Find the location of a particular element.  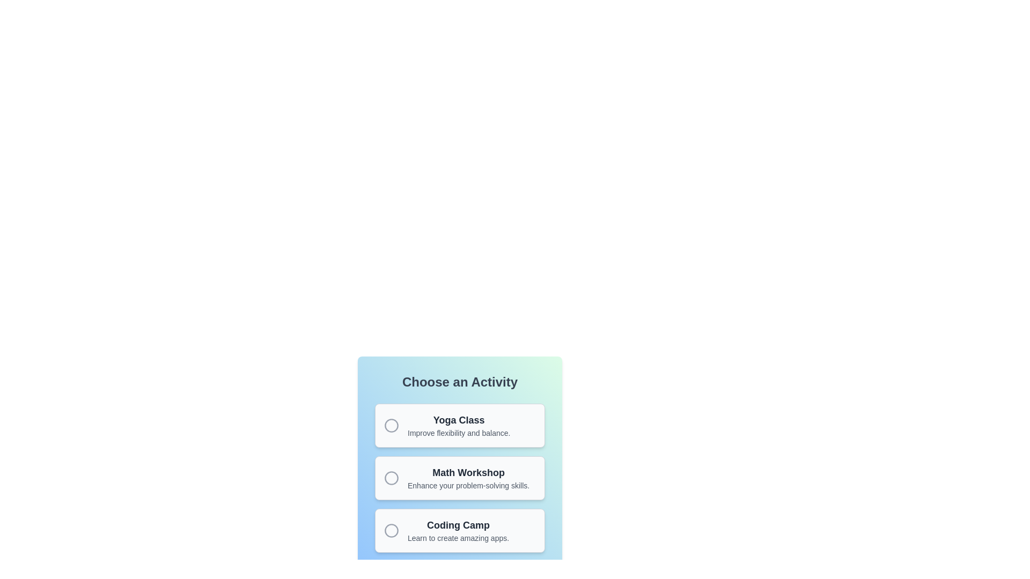

bold, large-font text 'Yoga Class' displayed prominently at the top of the 'Choose an Activity' section is located at coordinates (459, 419).